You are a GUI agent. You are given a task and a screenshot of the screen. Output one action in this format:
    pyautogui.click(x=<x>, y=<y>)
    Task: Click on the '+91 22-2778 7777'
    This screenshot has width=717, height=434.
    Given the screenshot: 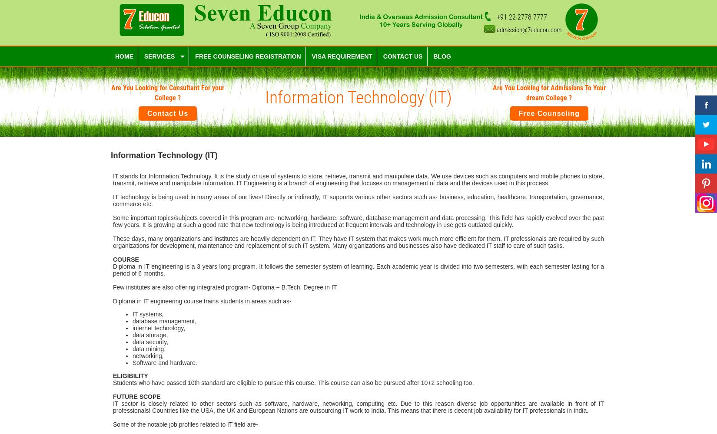 What is the action you would take?
    pyautogui.click(x=522, y=17)
    